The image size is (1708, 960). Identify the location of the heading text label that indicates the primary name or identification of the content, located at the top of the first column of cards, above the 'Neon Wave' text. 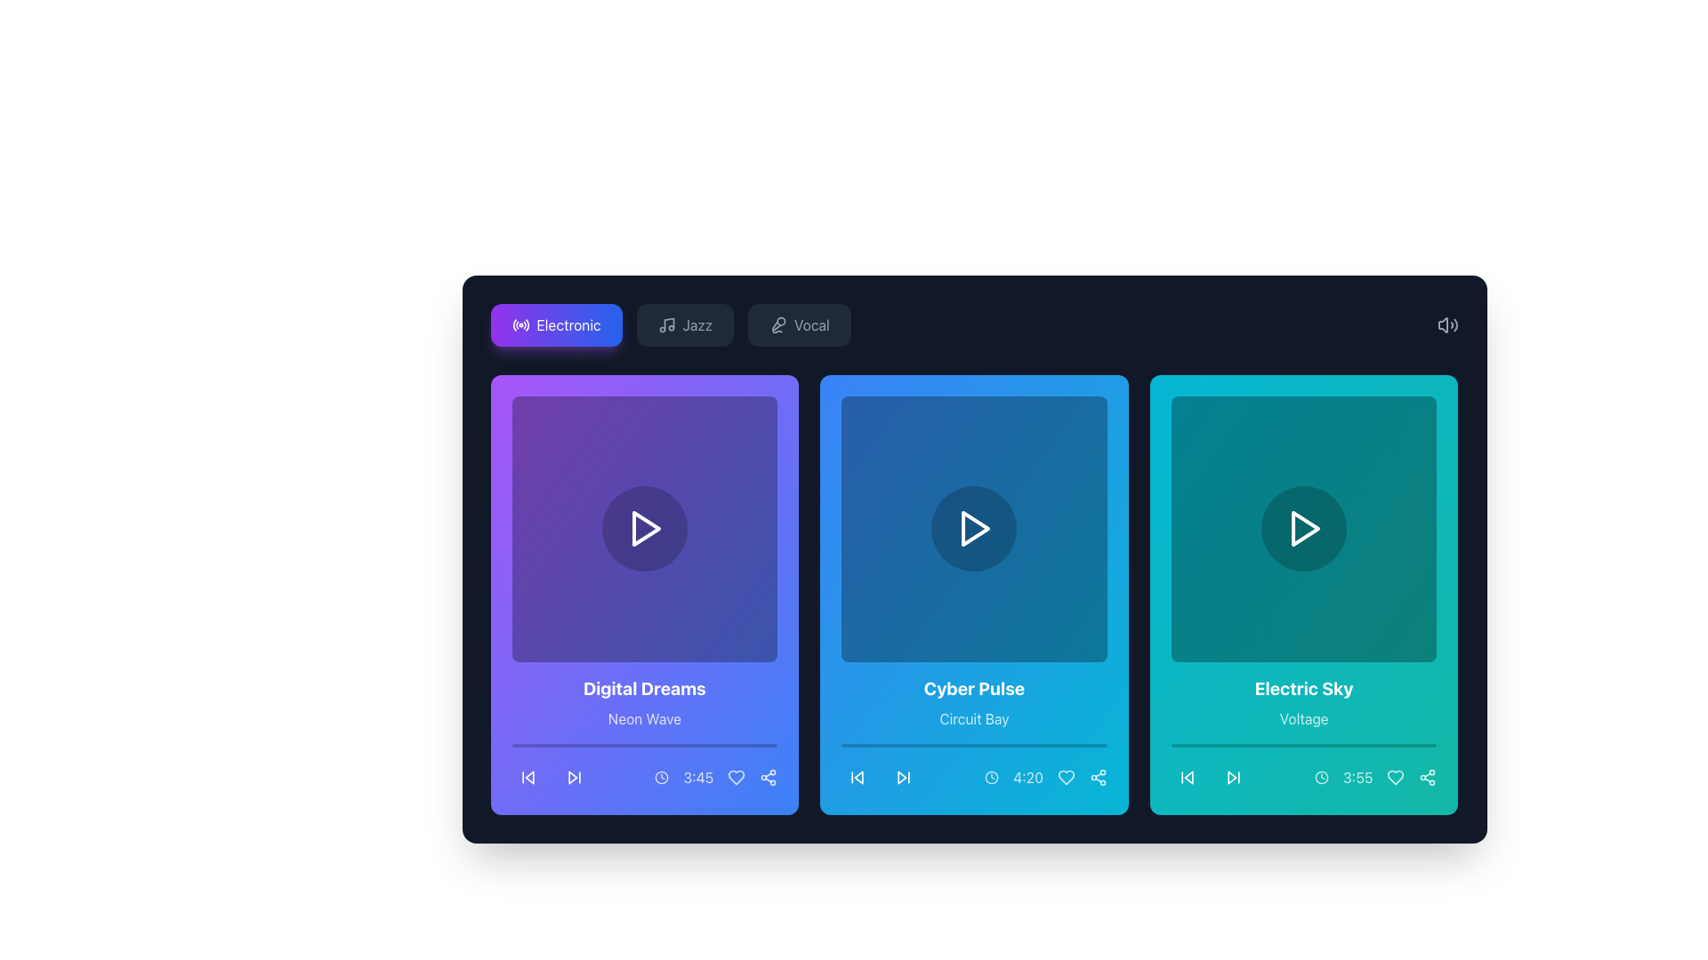
(643, 687).